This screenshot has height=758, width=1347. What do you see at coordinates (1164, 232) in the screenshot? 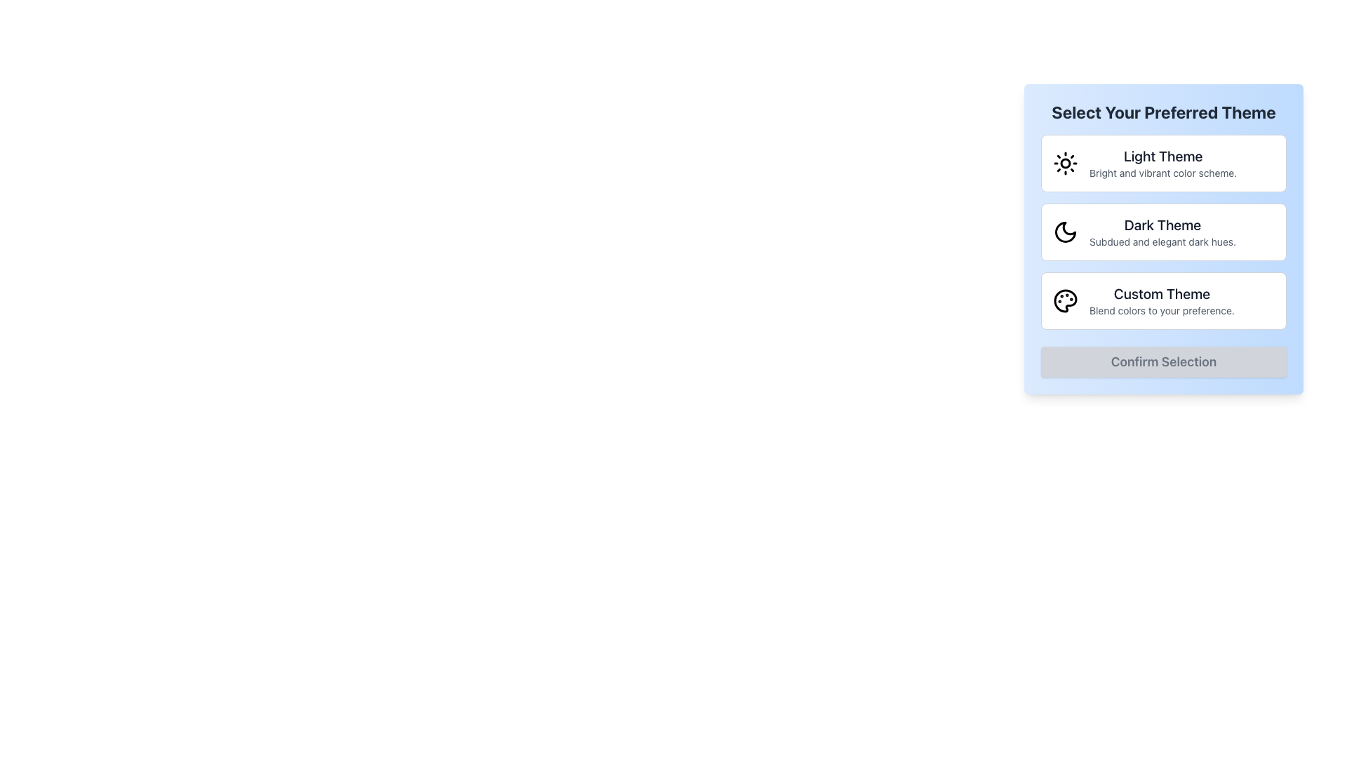
I see `the 'Dark Theme' selectable list item, which is styled with a rounded border and contains a crescent moon icon and the description 'Subdued and elegant dark hues'` at bounding box center [1164, 232].